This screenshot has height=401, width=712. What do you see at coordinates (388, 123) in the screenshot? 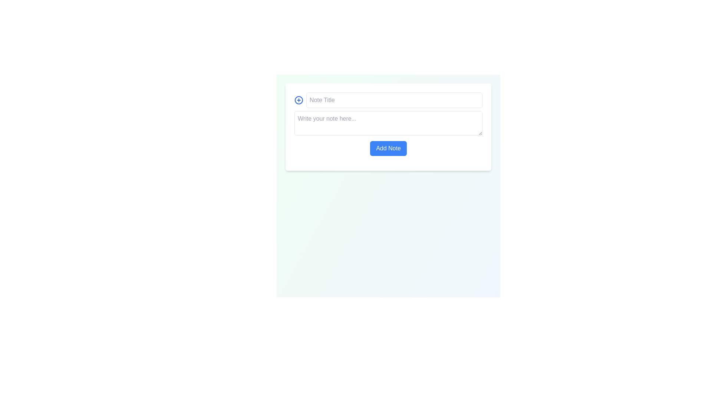
I see `the textarea located centrally within the form under the 'Add Note' section to place the cursor and enable typing` at bounding box center [388, 123].